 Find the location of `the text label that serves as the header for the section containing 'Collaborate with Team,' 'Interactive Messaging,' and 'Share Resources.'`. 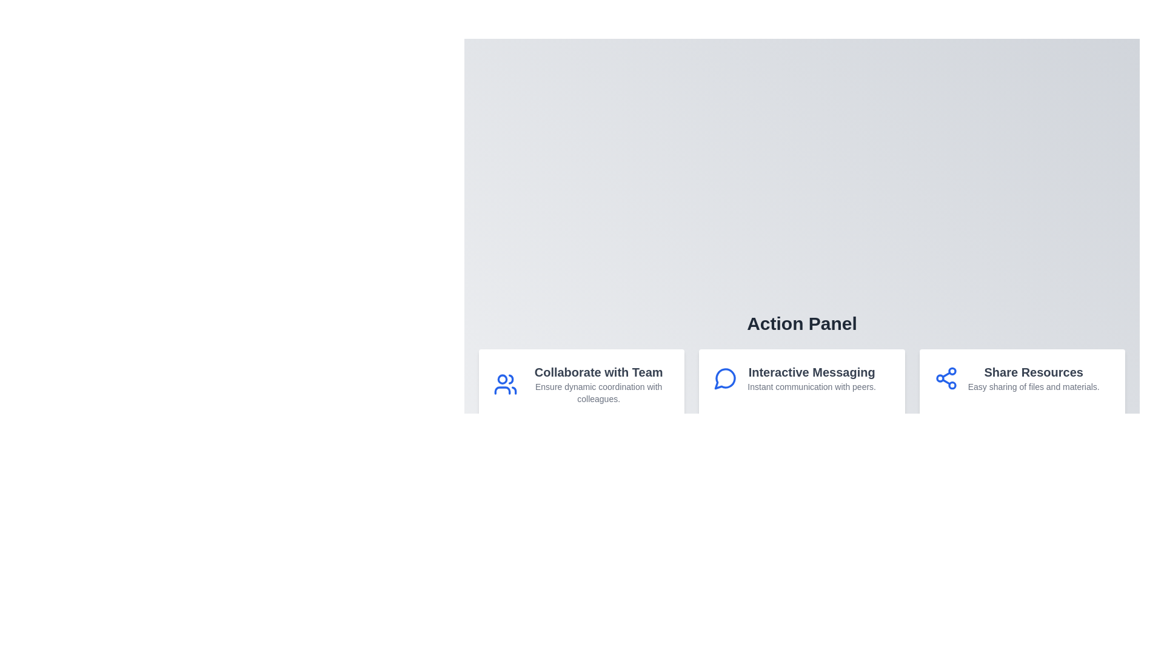

the text label that serves as the header for the section containing 'Collaborate with Team,' 'Interactive Messaging,' and 'Share Resources.' is located at coordinates (802, 323).